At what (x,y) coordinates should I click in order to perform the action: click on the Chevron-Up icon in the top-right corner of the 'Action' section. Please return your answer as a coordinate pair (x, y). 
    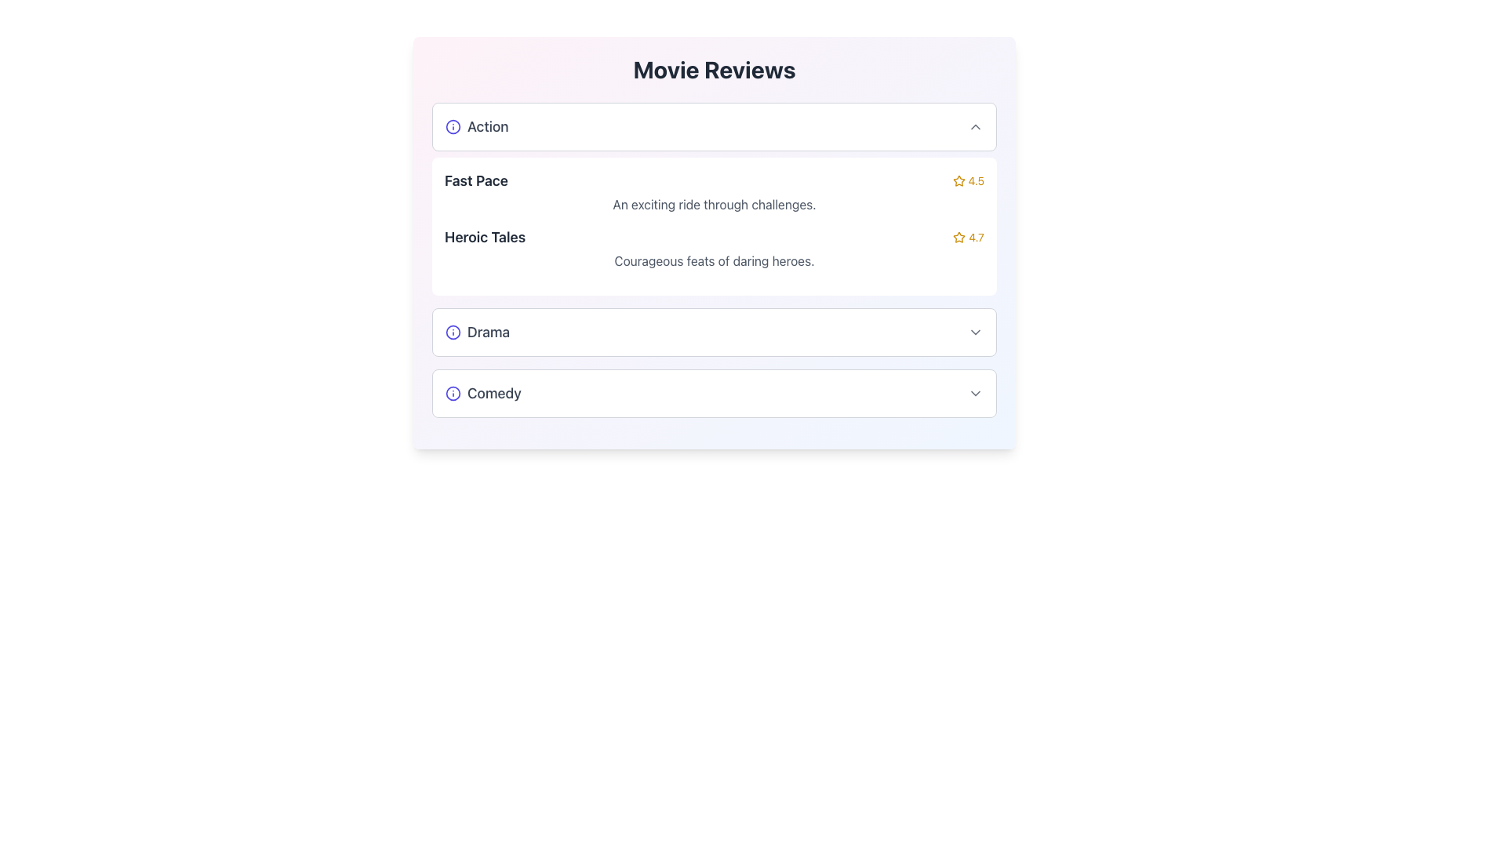
    Looking at the image, I should click on (974, 126).